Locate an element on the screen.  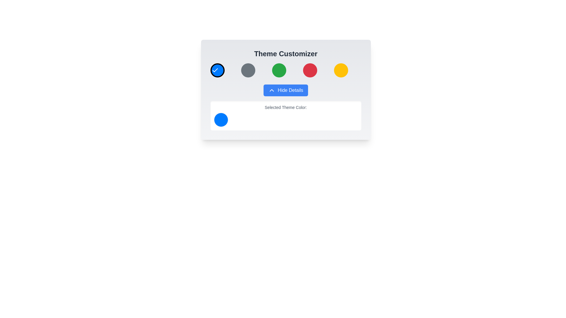
the bold text label displaying 'Theme Customizer' which is centered at the top of the white rounded panel is located at coordinates (286, 54).